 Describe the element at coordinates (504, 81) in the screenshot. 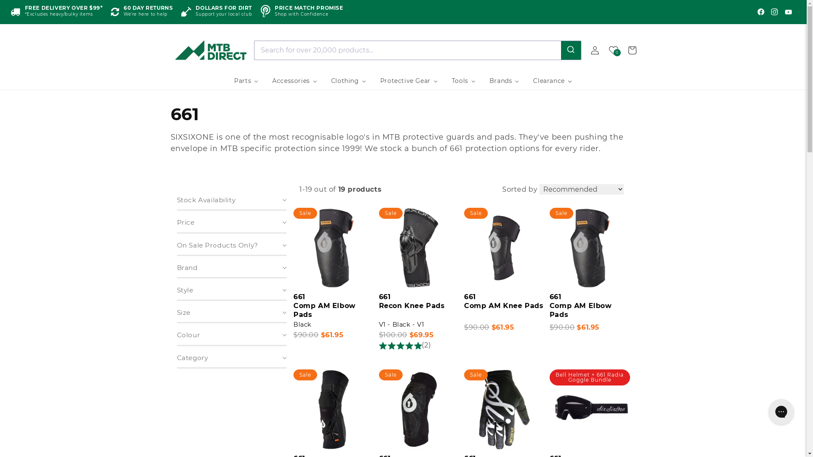

I see `'Brands'` at that location.